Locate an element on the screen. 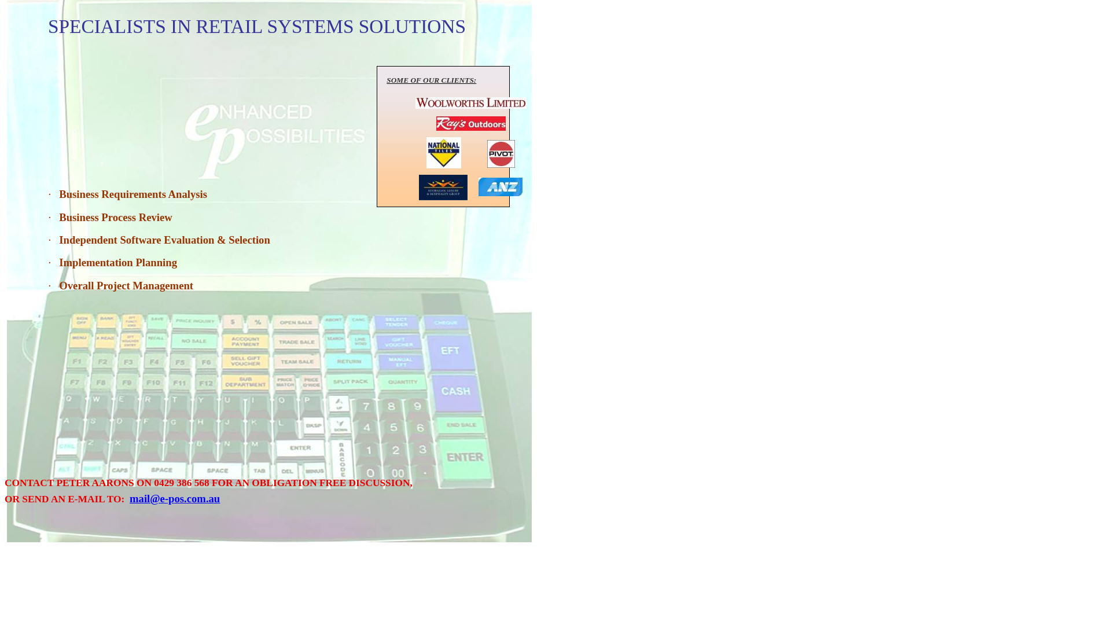 The width and height of the screenshot is (1111, 625). 'mail@e-pos.com.au' is located at coordinates (174, 498).